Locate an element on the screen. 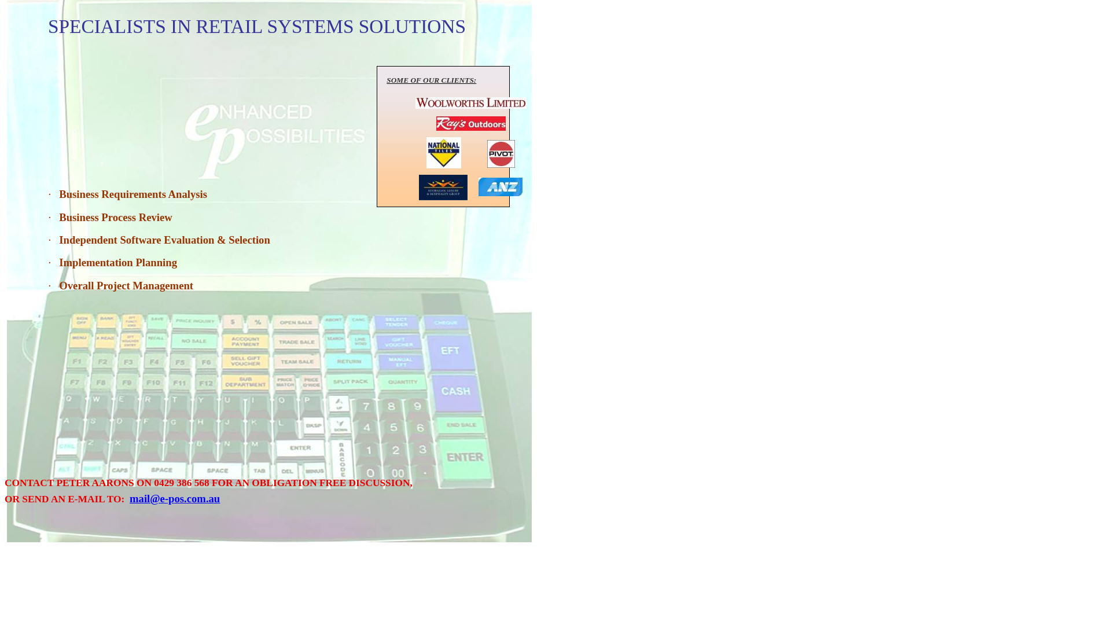 The width and height of the screenshot is (1111, 625). 'mail@e-pos.com.au' is located at coordinates (174, 498).